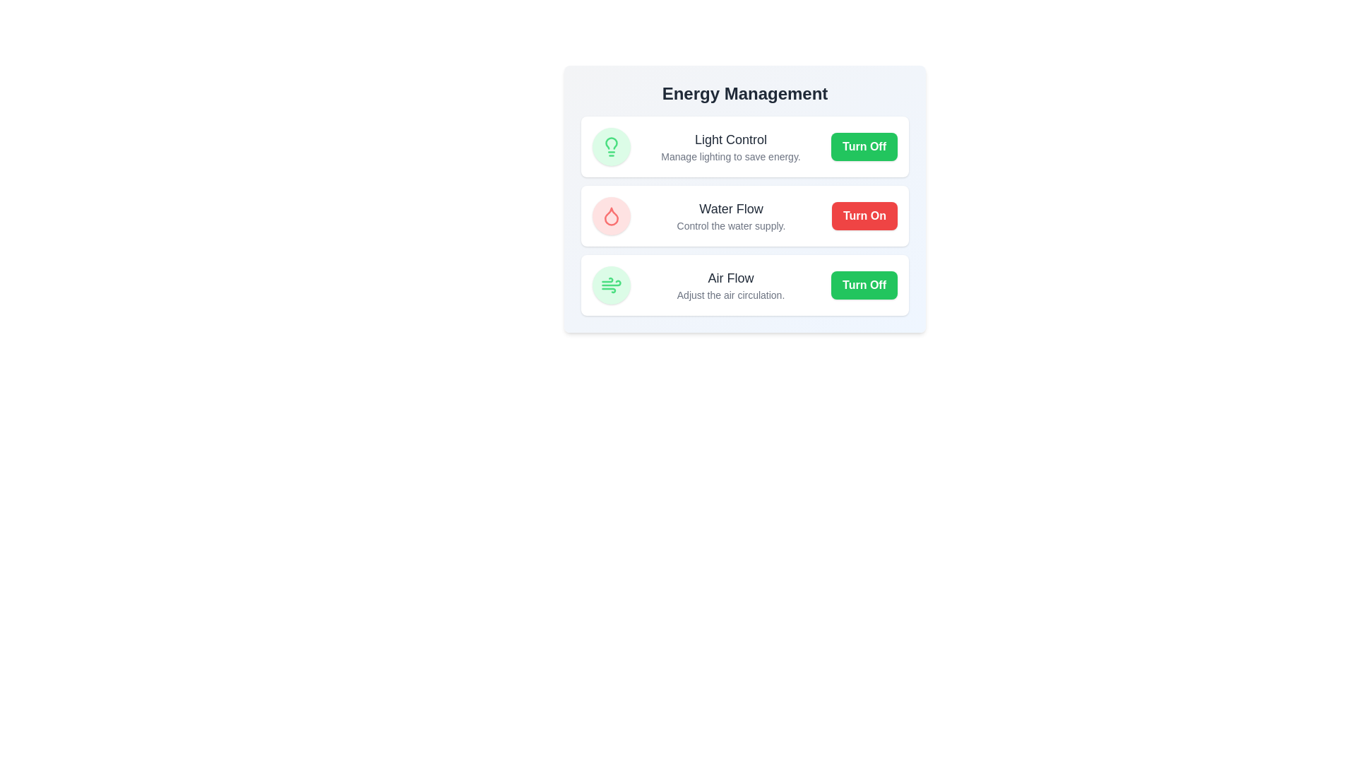  What do you see at coordinates (611, 215) in the screenshot?
I see `the 'Water Flow' control icon located within the 'Water Flow' card under the 'Energy Management' header` at bounding box center [611, 215].